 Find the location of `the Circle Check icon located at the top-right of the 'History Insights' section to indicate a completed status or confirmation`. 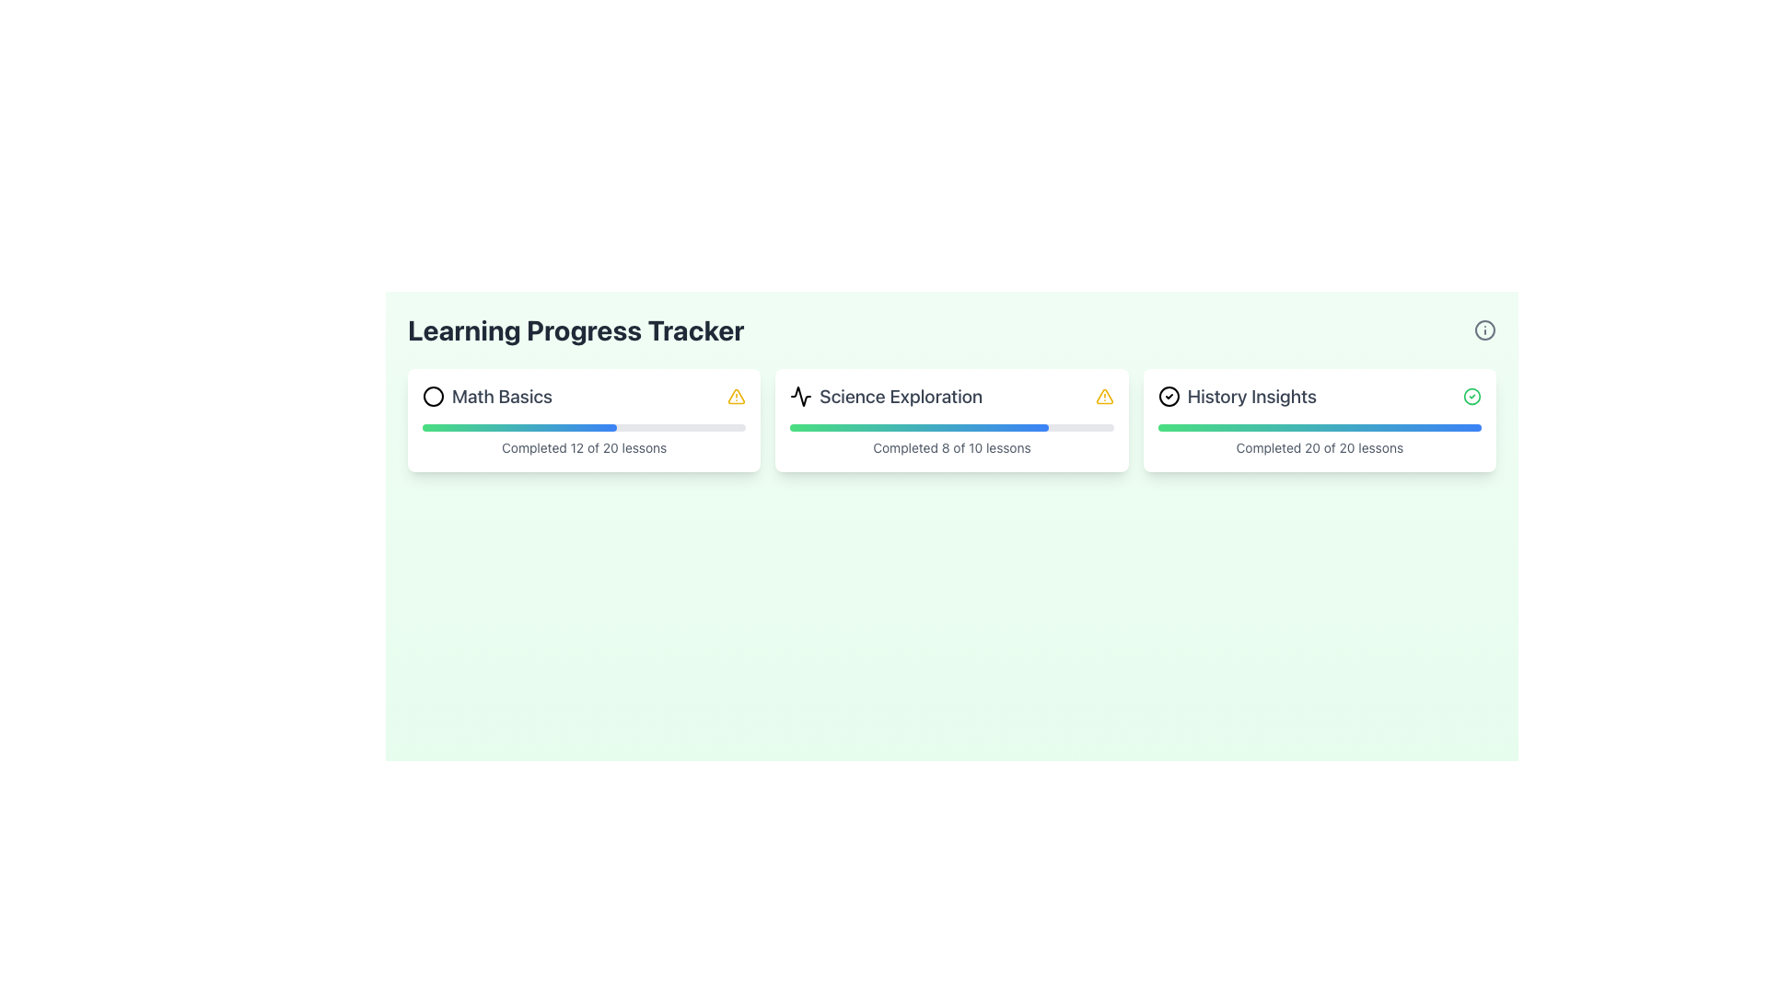

the Circle Check icon located at the top-right of the 'History Insights' section to indicate a completed status or confirmation is located at coordinates (1471, 396).